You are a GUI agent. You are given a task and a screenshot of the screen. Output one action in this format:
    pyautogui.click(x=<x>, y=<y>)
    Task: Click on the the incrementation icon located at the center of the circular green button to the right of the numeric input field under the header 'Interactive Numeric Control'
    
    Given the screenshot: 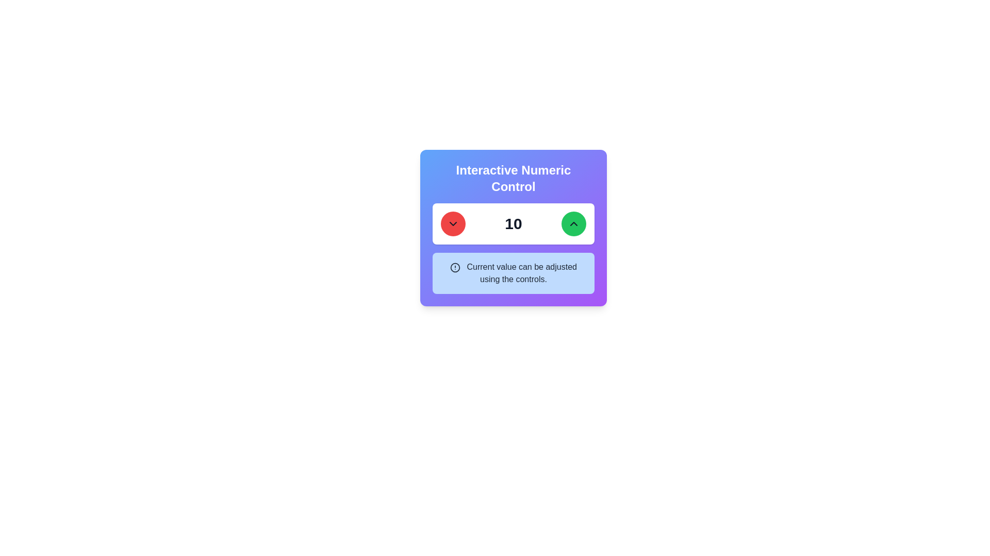 What is the action you would take?
    pyautogui.click(x=573, y=223)
    